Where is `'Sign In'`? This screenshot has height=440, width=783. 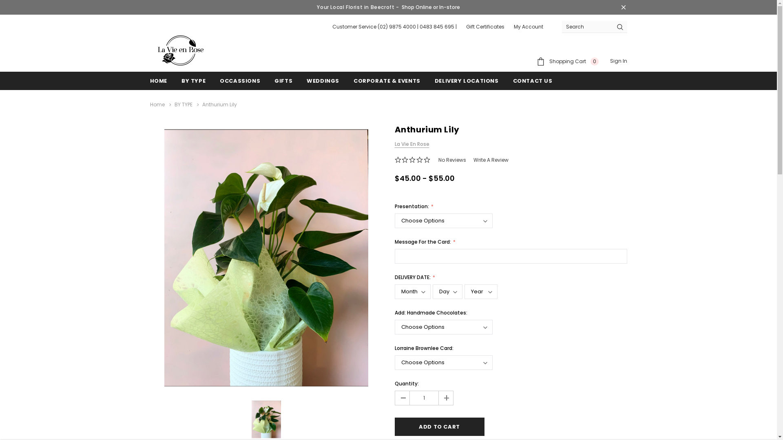 'Sign In' is located at coordinates (618, 61).